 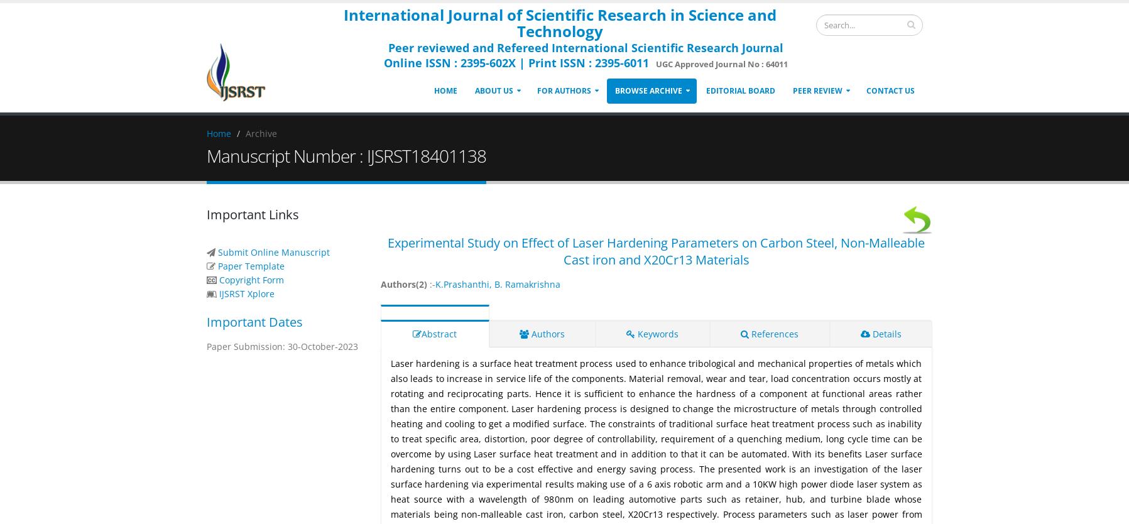 I want to click on 'Details', so click(x=885, y=333).